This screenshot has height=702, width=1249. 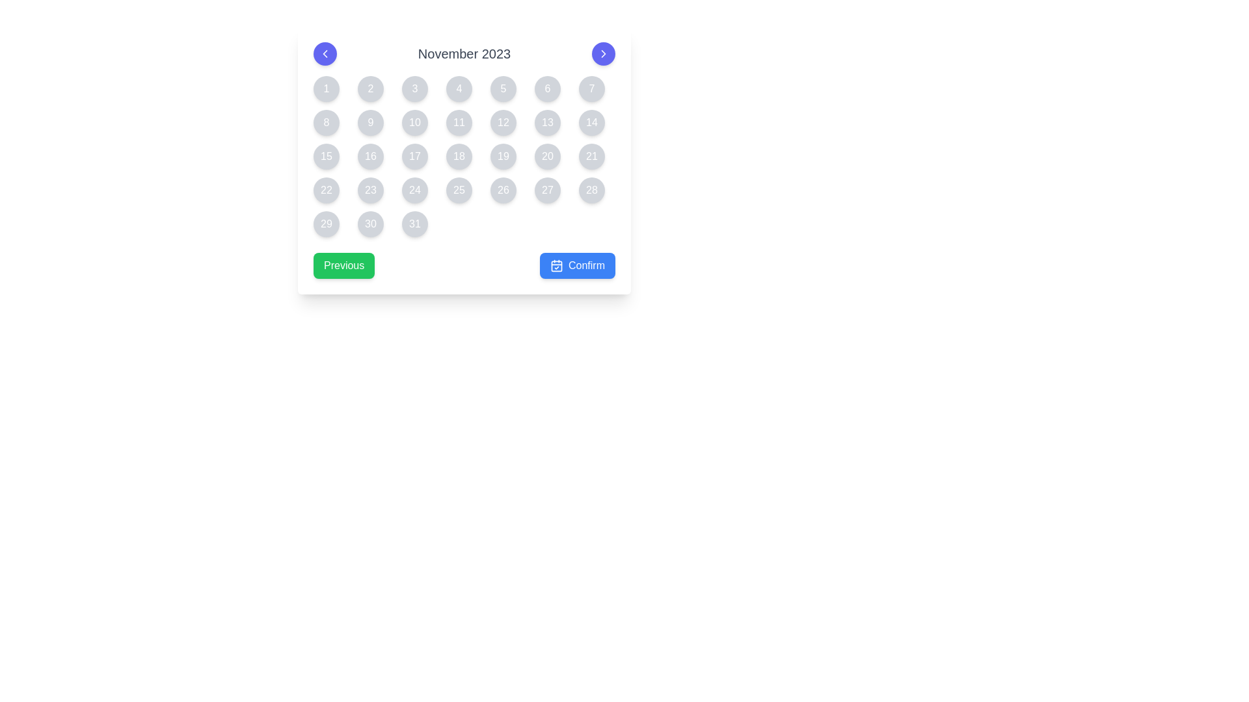 What do you see at coordinates (464, 53) in the screenshot?
I see `the text label displaying 'November 2023', which is positioned at the top center of the calendar interface, between two navigation arrow buttons` at bounding box center [464, 53].